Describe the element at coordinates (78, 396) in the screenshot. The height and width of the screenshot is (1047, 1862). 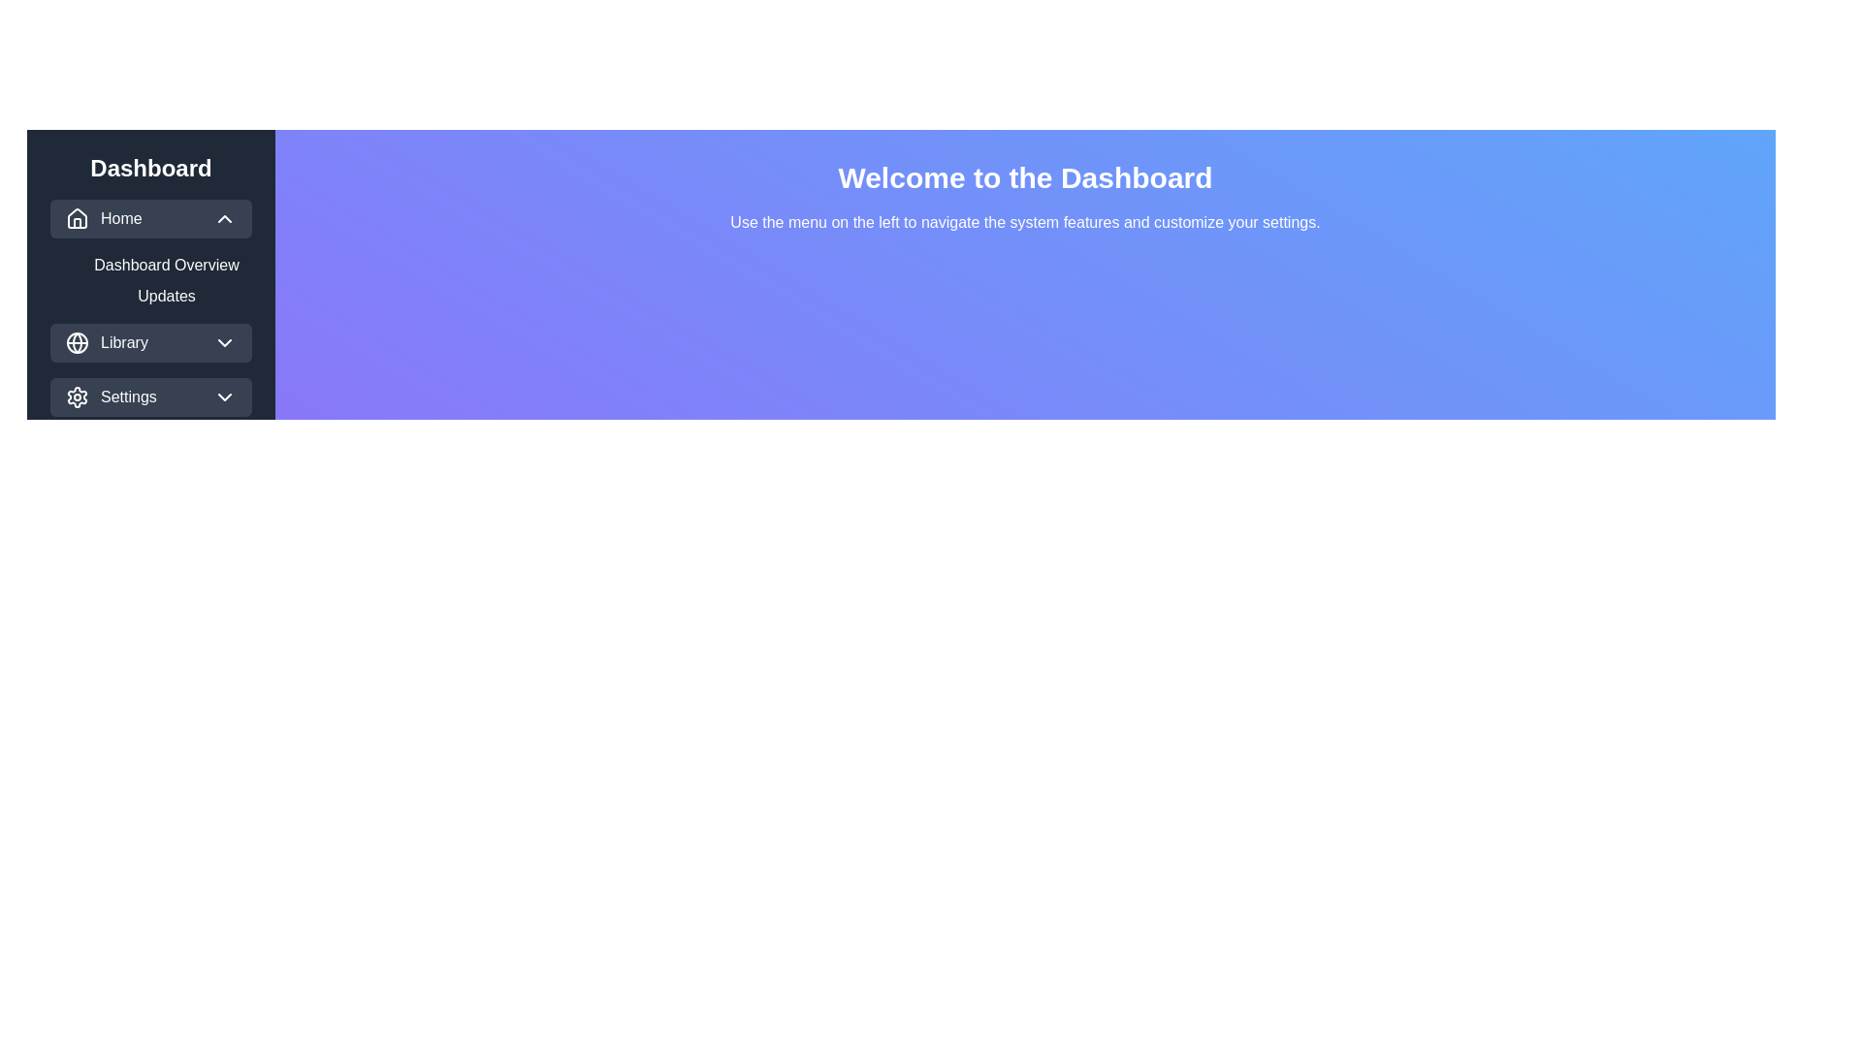
I see `the gear-shaped icon located in the sidebar navigation panel, which is positioned to the left of the 'Settings' label` at that location.